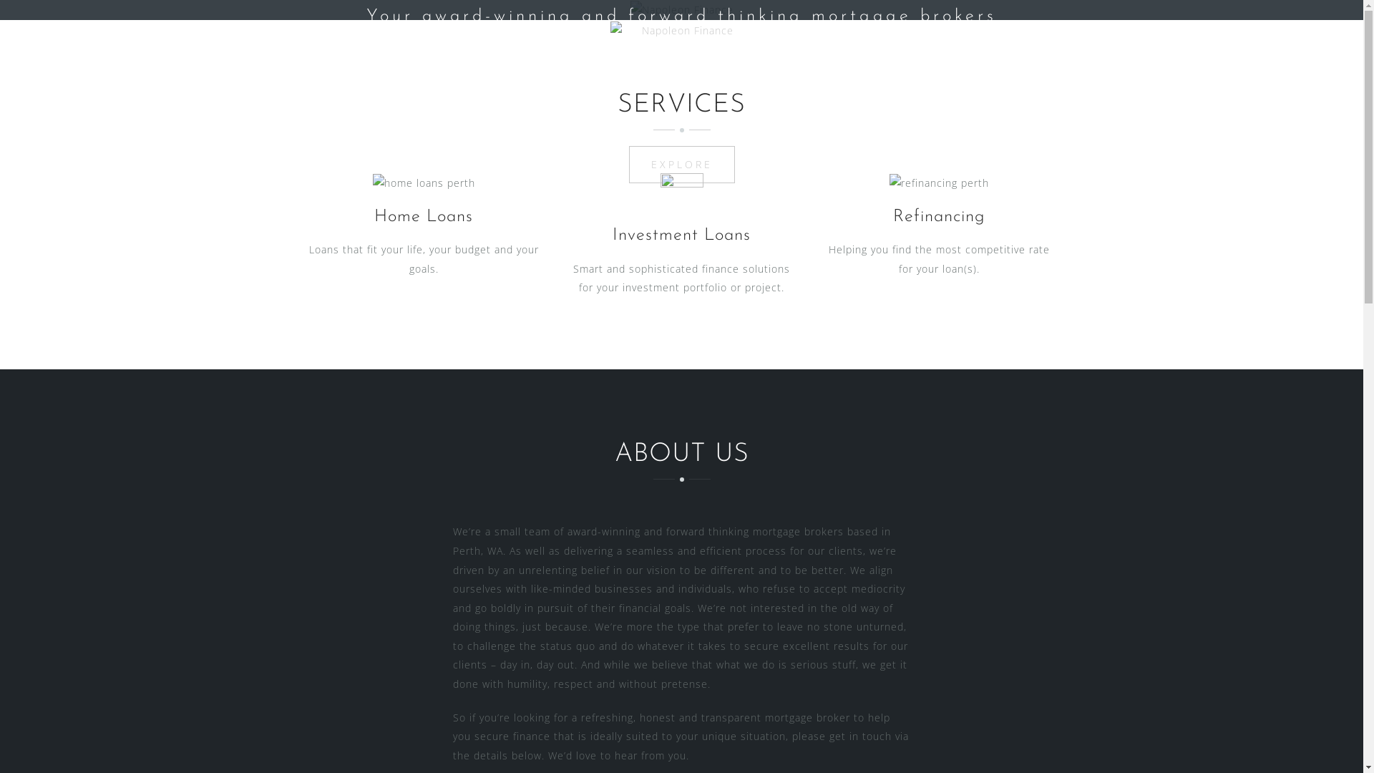  I want to click on 'Refinancing', so click(939, 217).